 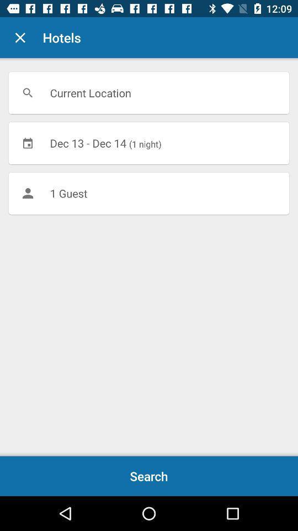 What do you see at coordinates (149, 92) in the screenshot?
I see `icon above the dec 13 dec icon` at bounding box center [149, 92].